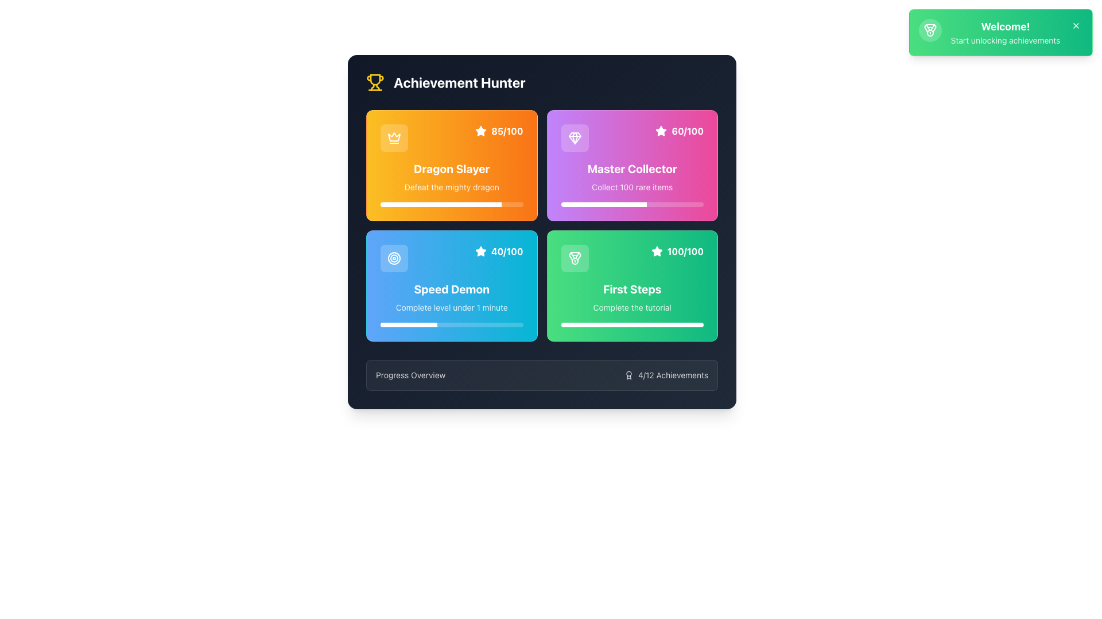 The width and height of the screenshot is (1102, 619). What do you see at coordinates (499, 251) in the screenshot?
I see `the Label displaying '40/100' with a star icon, located at the top right corner of the blue 'Speed Demon' card in the bottom-left of a 2x2 grid layout` at bounding box center [499, 251].